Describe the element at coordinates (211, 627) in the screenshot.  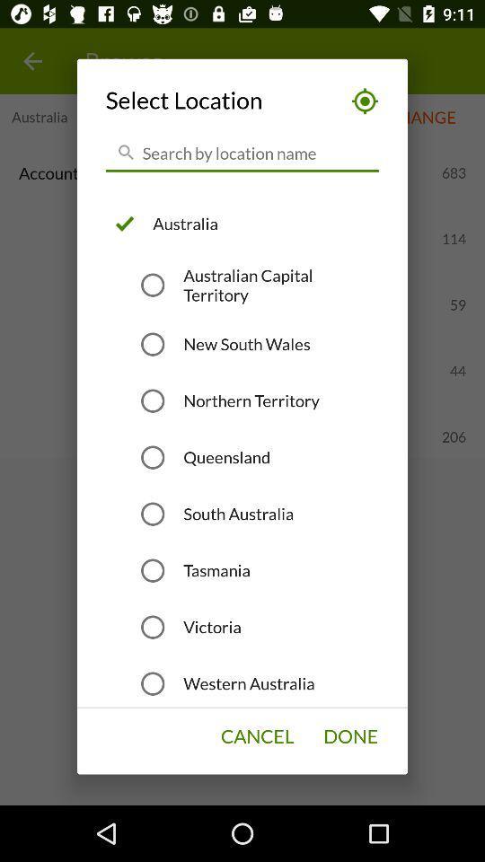
I see `item below the tasmania` at that location.